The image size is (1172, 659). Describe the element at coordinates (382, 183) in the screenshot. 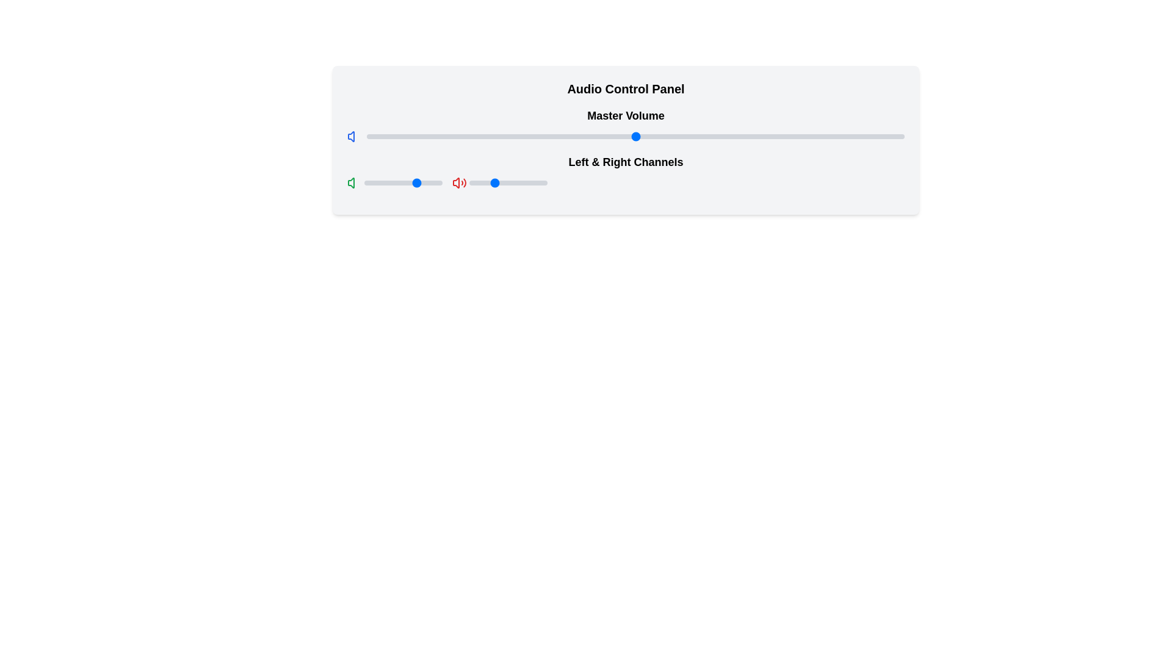

I see `the left-right channel balance` at that location.